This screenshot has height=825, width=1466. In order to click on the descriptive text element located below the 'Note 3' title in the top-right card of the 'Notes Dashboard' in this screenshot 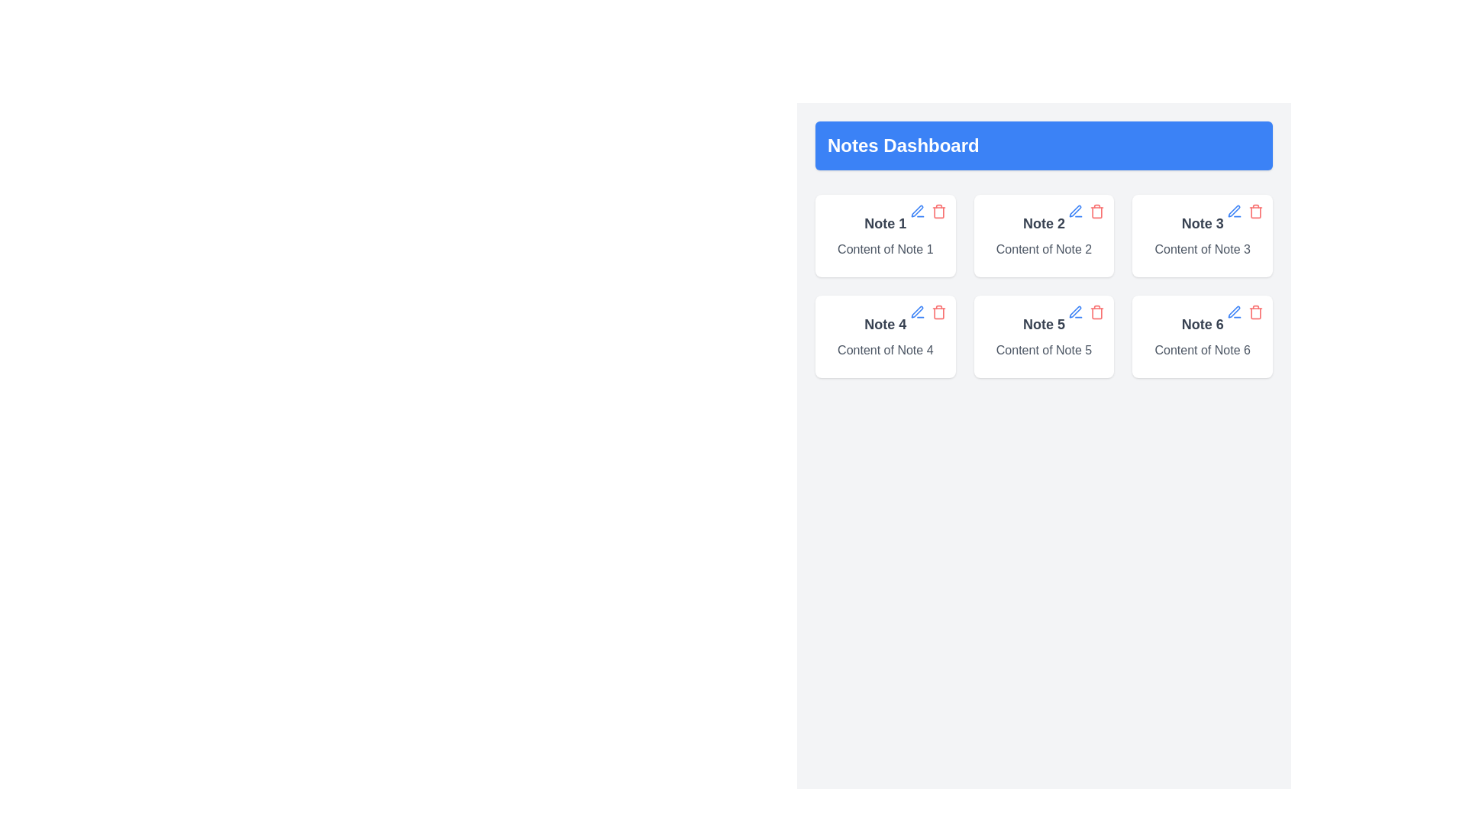, I will do `click(1202, 249)`.